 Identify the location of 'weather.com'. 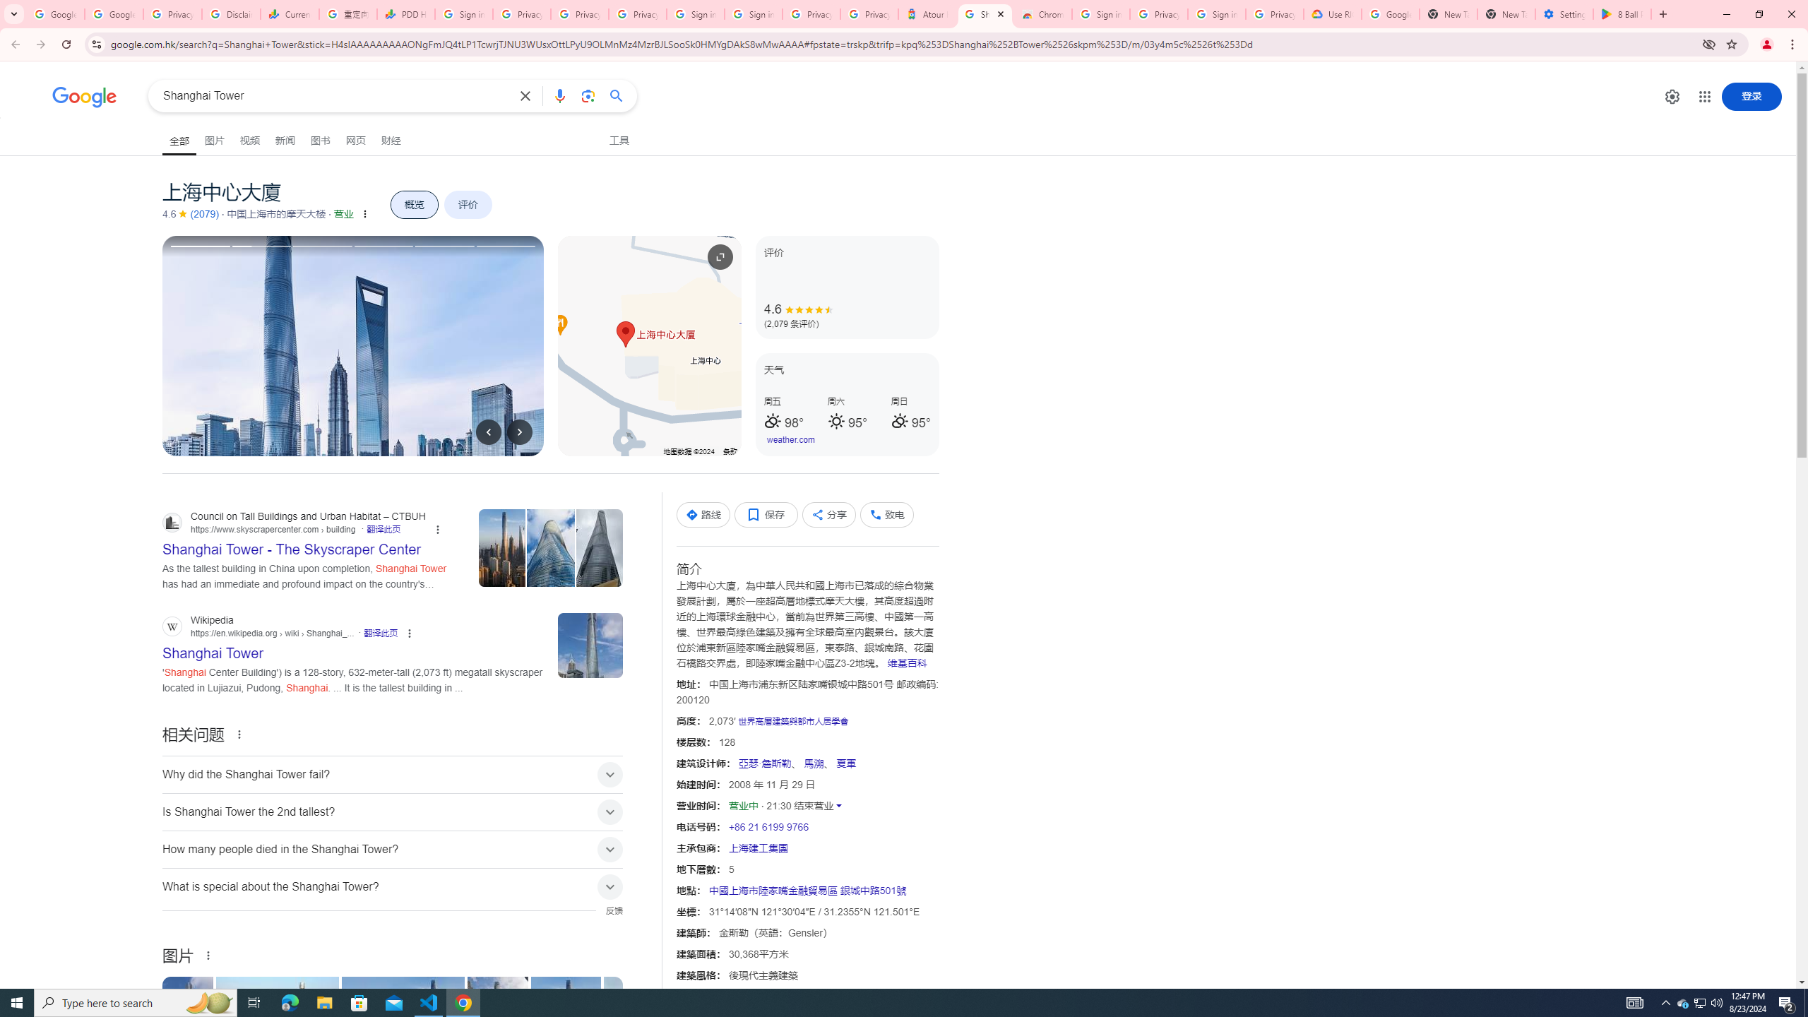
(791, 440).